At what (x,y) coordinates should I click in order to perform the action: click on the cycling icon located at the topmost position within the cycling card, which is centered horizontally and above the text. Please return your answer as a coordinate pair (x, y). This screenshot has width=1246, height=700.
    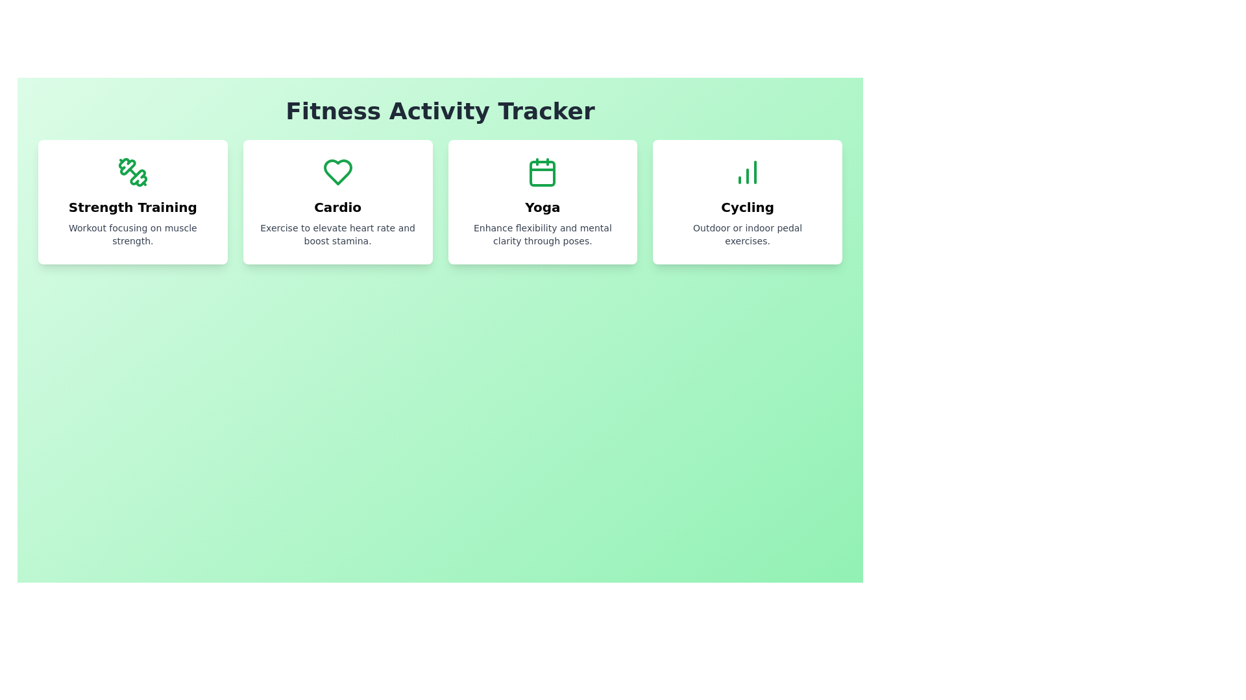
    Looking at the image, I should click on (748, 172).